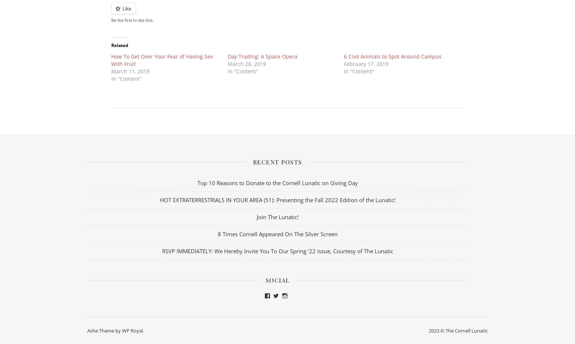 The width and height of the screenshot is (575, 344). I want to click on 'HOT EXTRATERRESTRIALS IN YOUR AREA (51): Presenting the Fall 2022 Edition of the Lunatic!', so click(277, 200).